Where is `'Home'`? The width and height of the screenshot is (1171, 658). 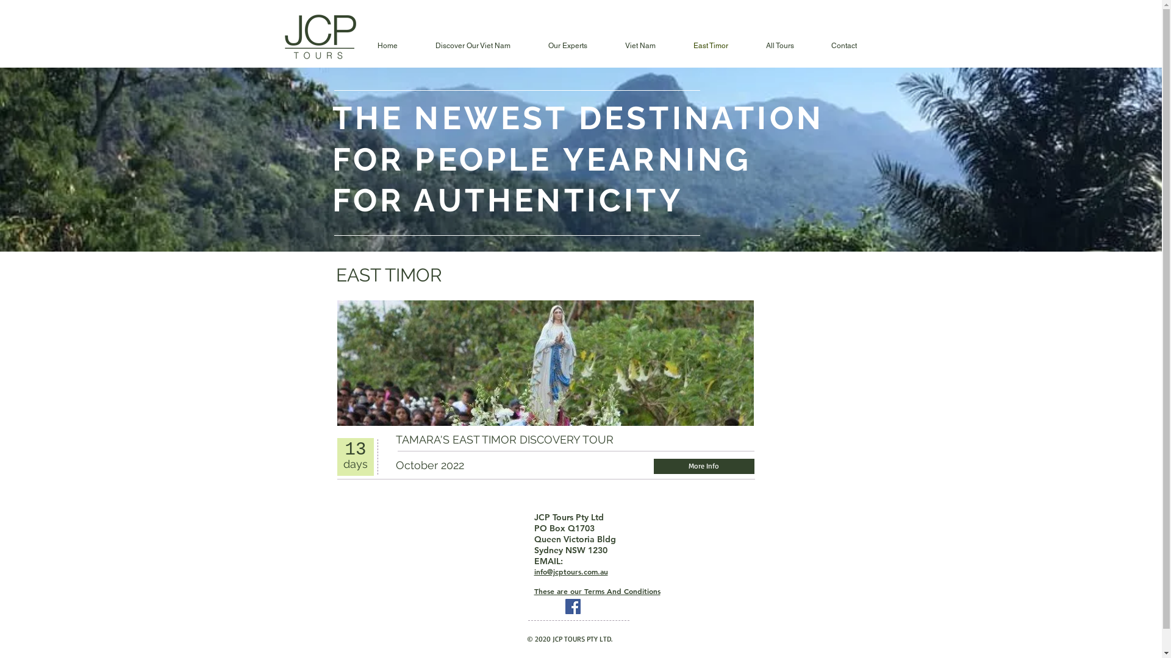
'Home' is located at coordinates (387, 45).